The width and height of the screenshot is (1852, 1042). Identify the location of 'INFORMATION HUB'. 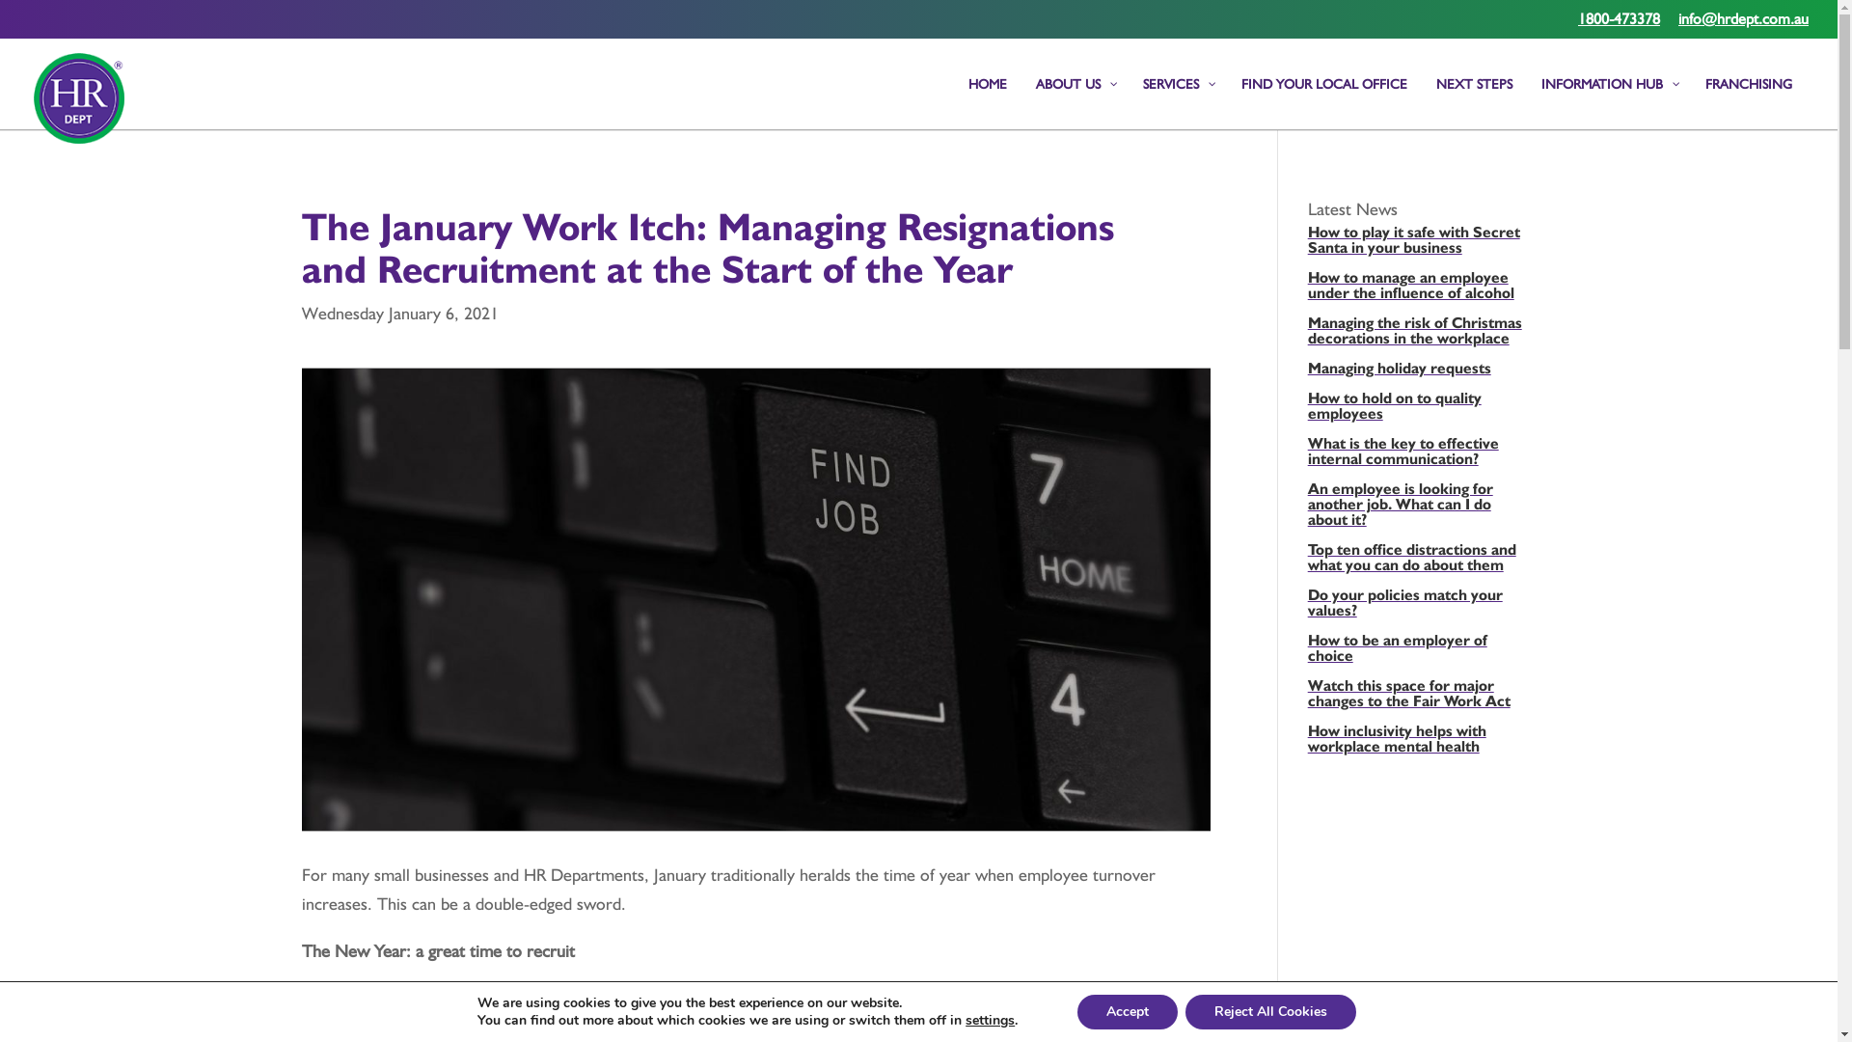
(1526, 102).